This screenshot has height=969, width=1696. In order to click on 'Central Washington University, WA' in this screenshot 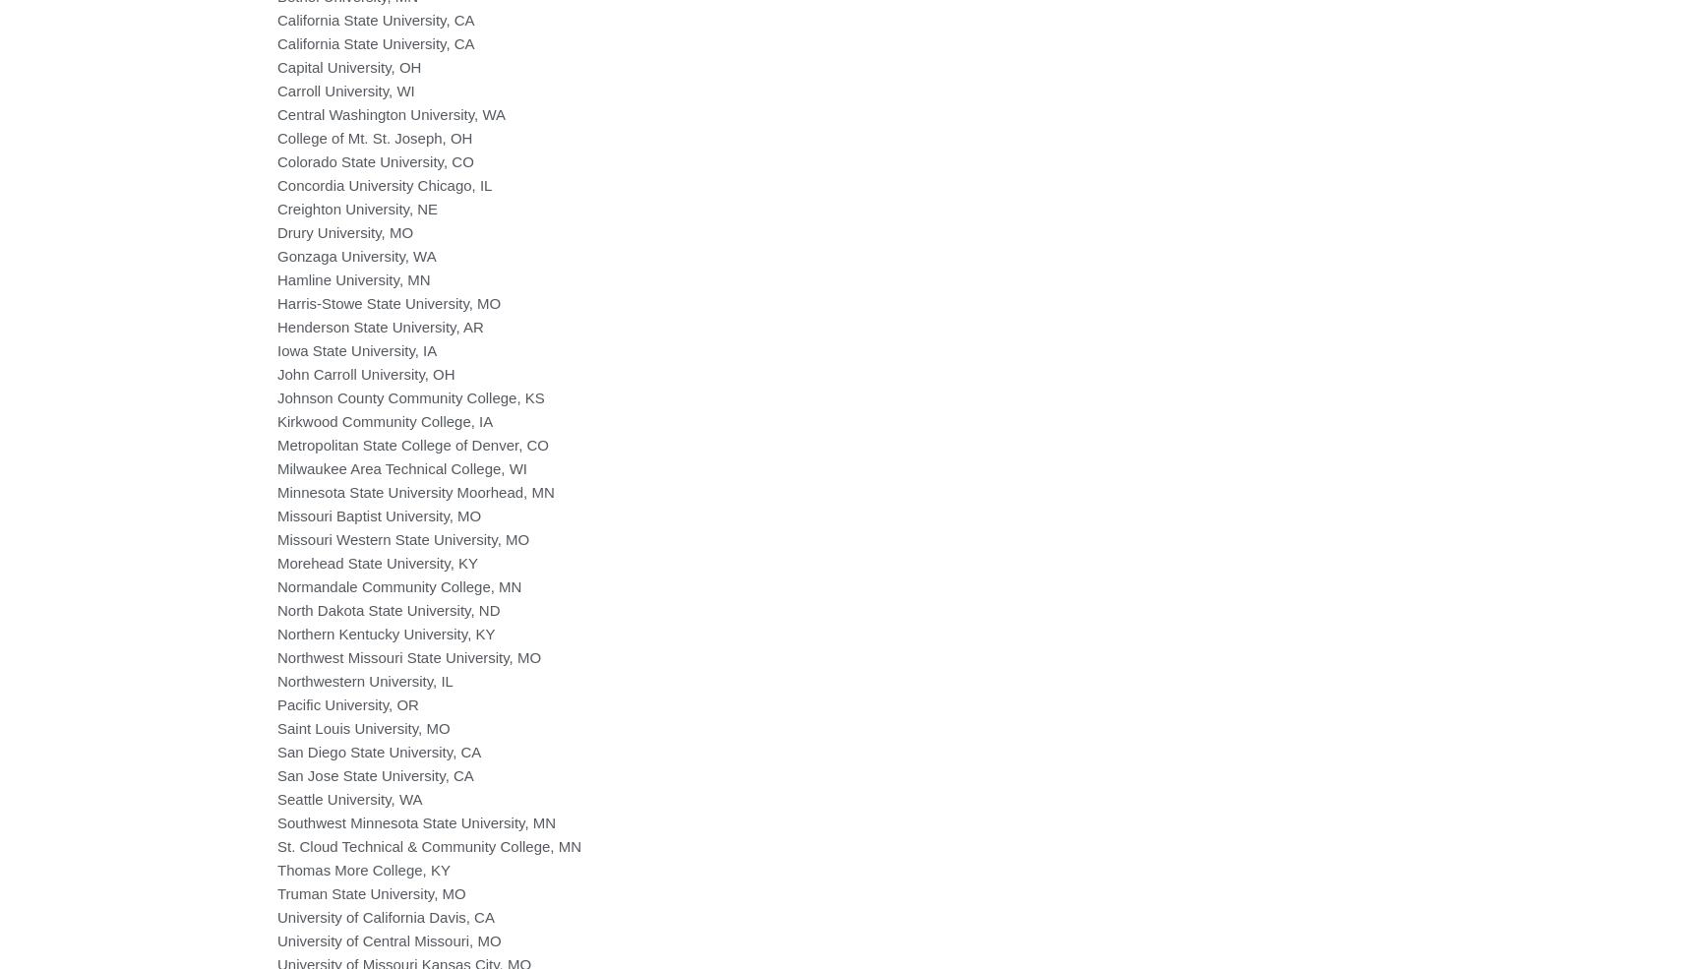, I will do `click(391, 113)`.